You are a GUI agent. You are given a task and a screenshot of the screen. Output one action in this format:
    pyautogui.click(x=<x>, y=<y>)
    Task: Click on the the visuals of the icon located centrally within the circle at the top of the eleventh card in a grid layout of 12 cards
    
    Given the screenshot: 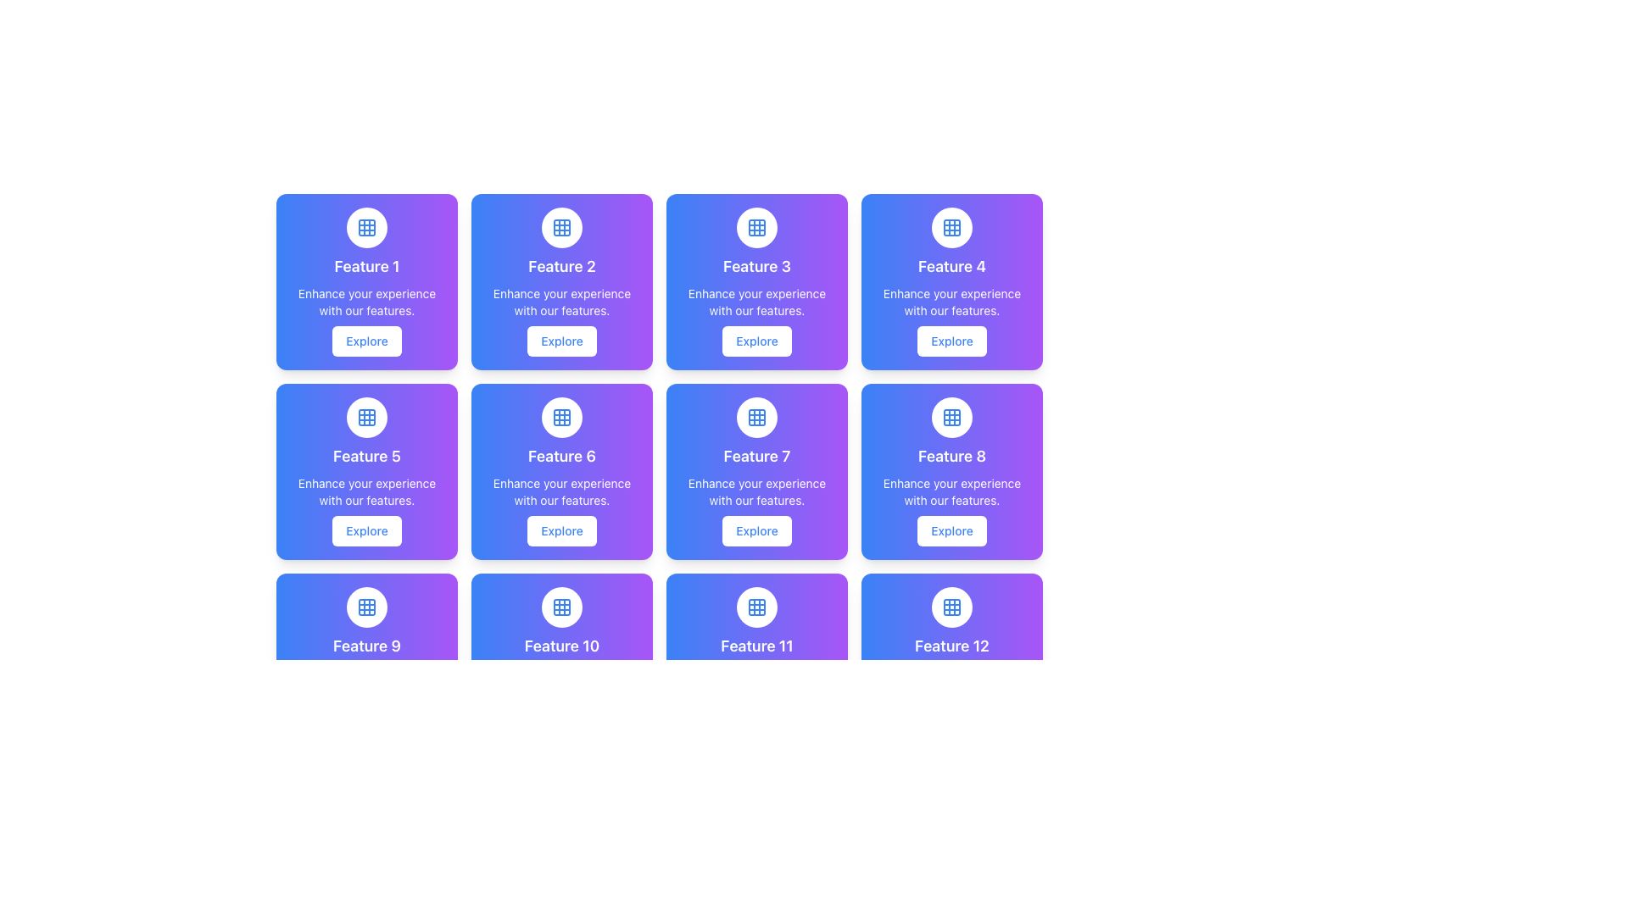 What is the action you would take?
    pyautogui.click(x=755, y=607)
    